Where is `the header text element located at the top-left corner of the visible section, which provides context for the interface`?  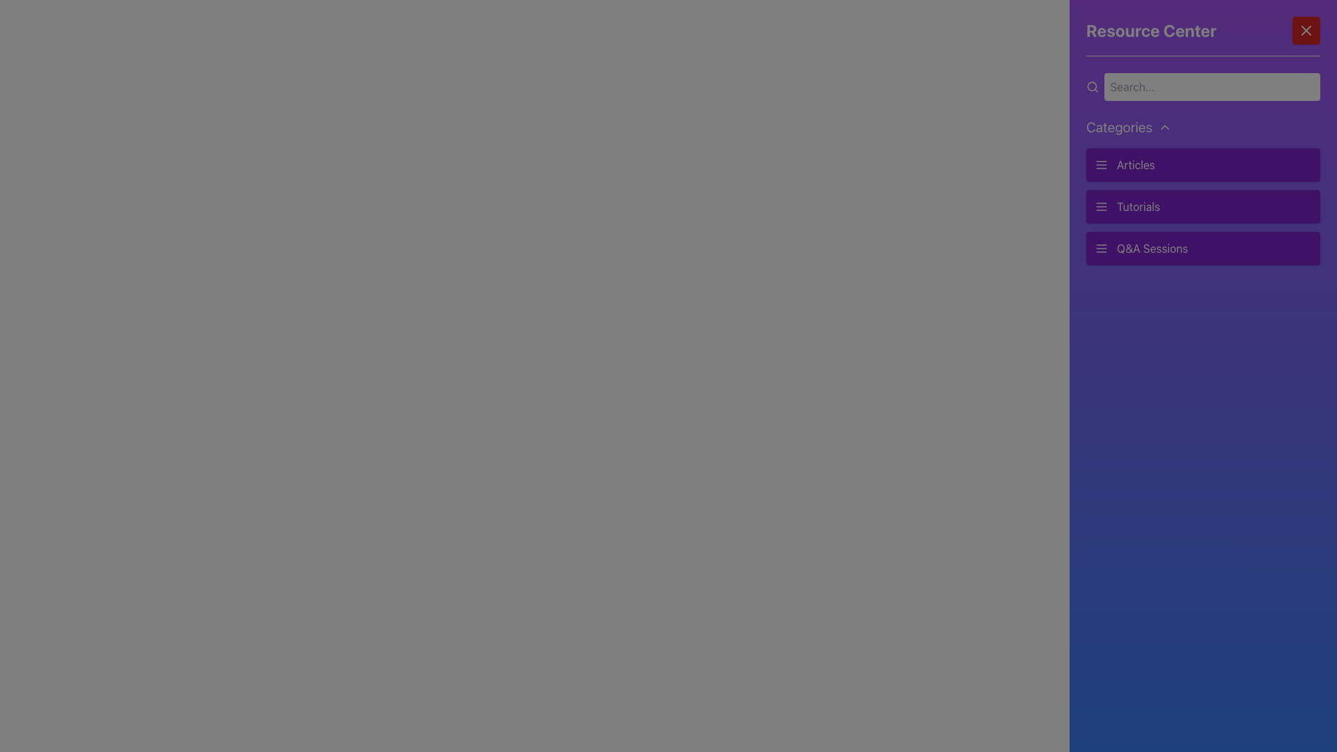 the header text element located at the top-left corner of the visible section, which provides context for the interface is located at coordinates (1151, 30).